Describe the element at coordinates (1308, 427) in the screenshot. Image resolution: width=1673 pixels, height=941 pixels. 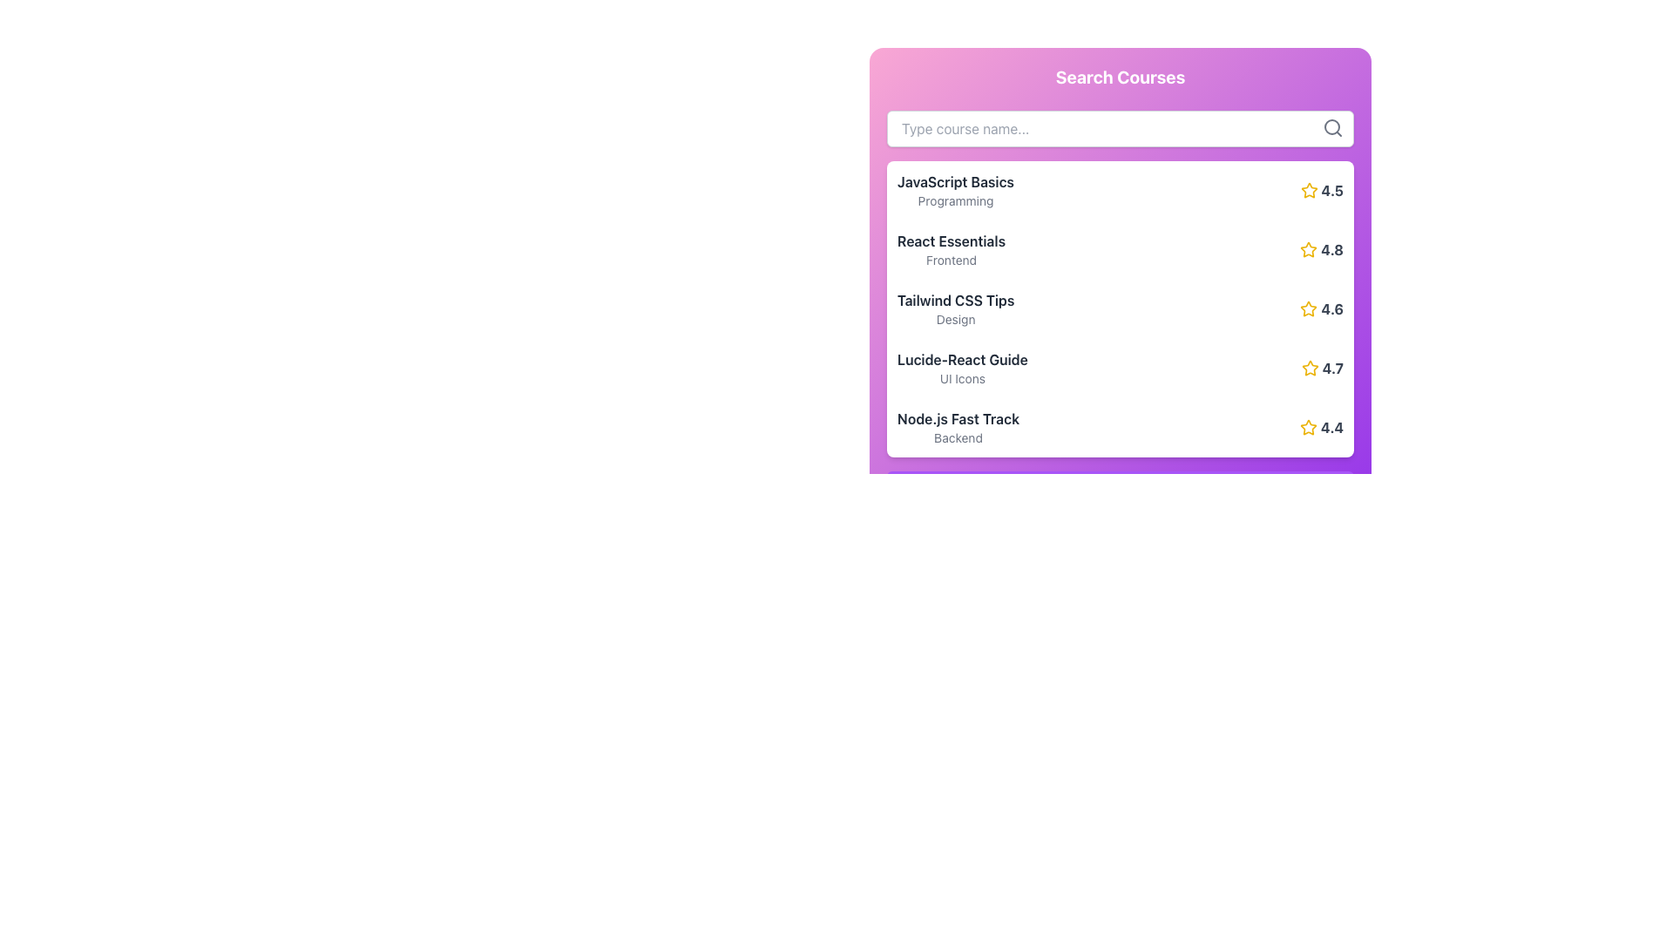
I see `the yellow star icon representing ratings for the 'Node.js Fast Track' course` at that location.